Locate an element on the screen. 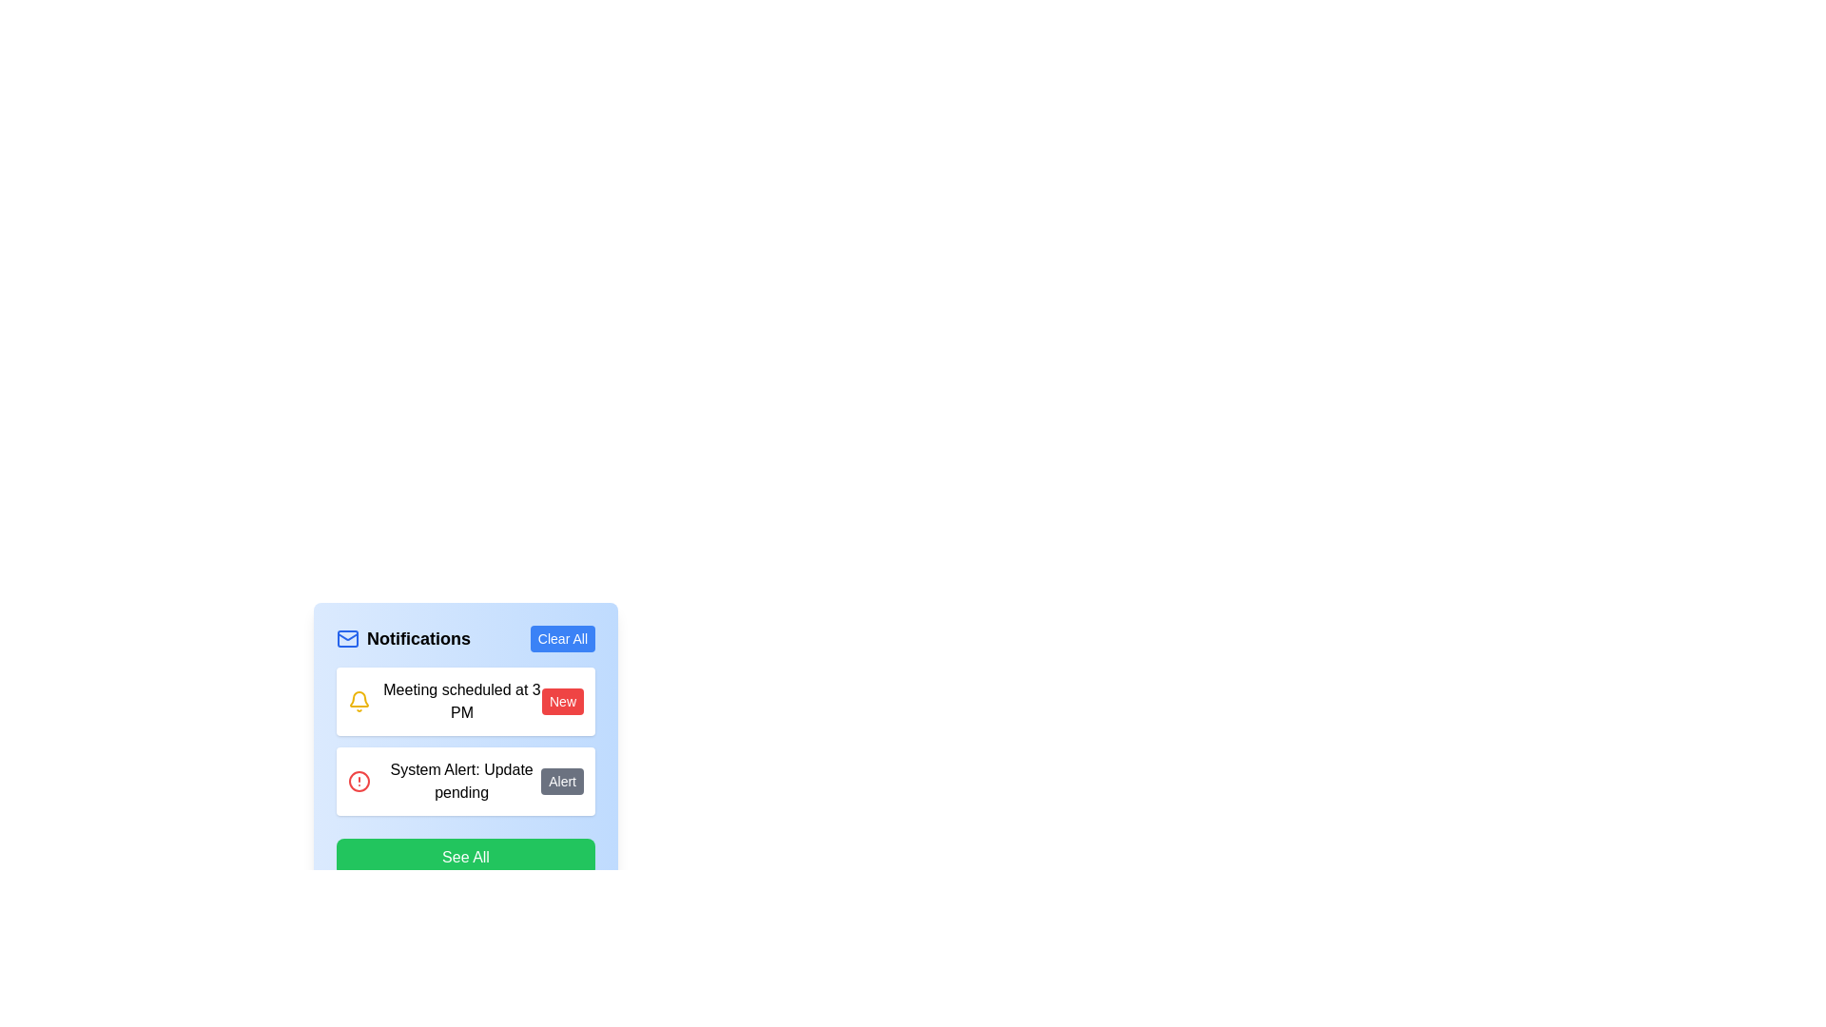 The width and height of the screenshot is (1826, 1027). the Circle graphic element which is part of an alert icon indicating an important message, located adjacent to the 'System Alert: Update pending' notification text is located at coordinates (359, 781).